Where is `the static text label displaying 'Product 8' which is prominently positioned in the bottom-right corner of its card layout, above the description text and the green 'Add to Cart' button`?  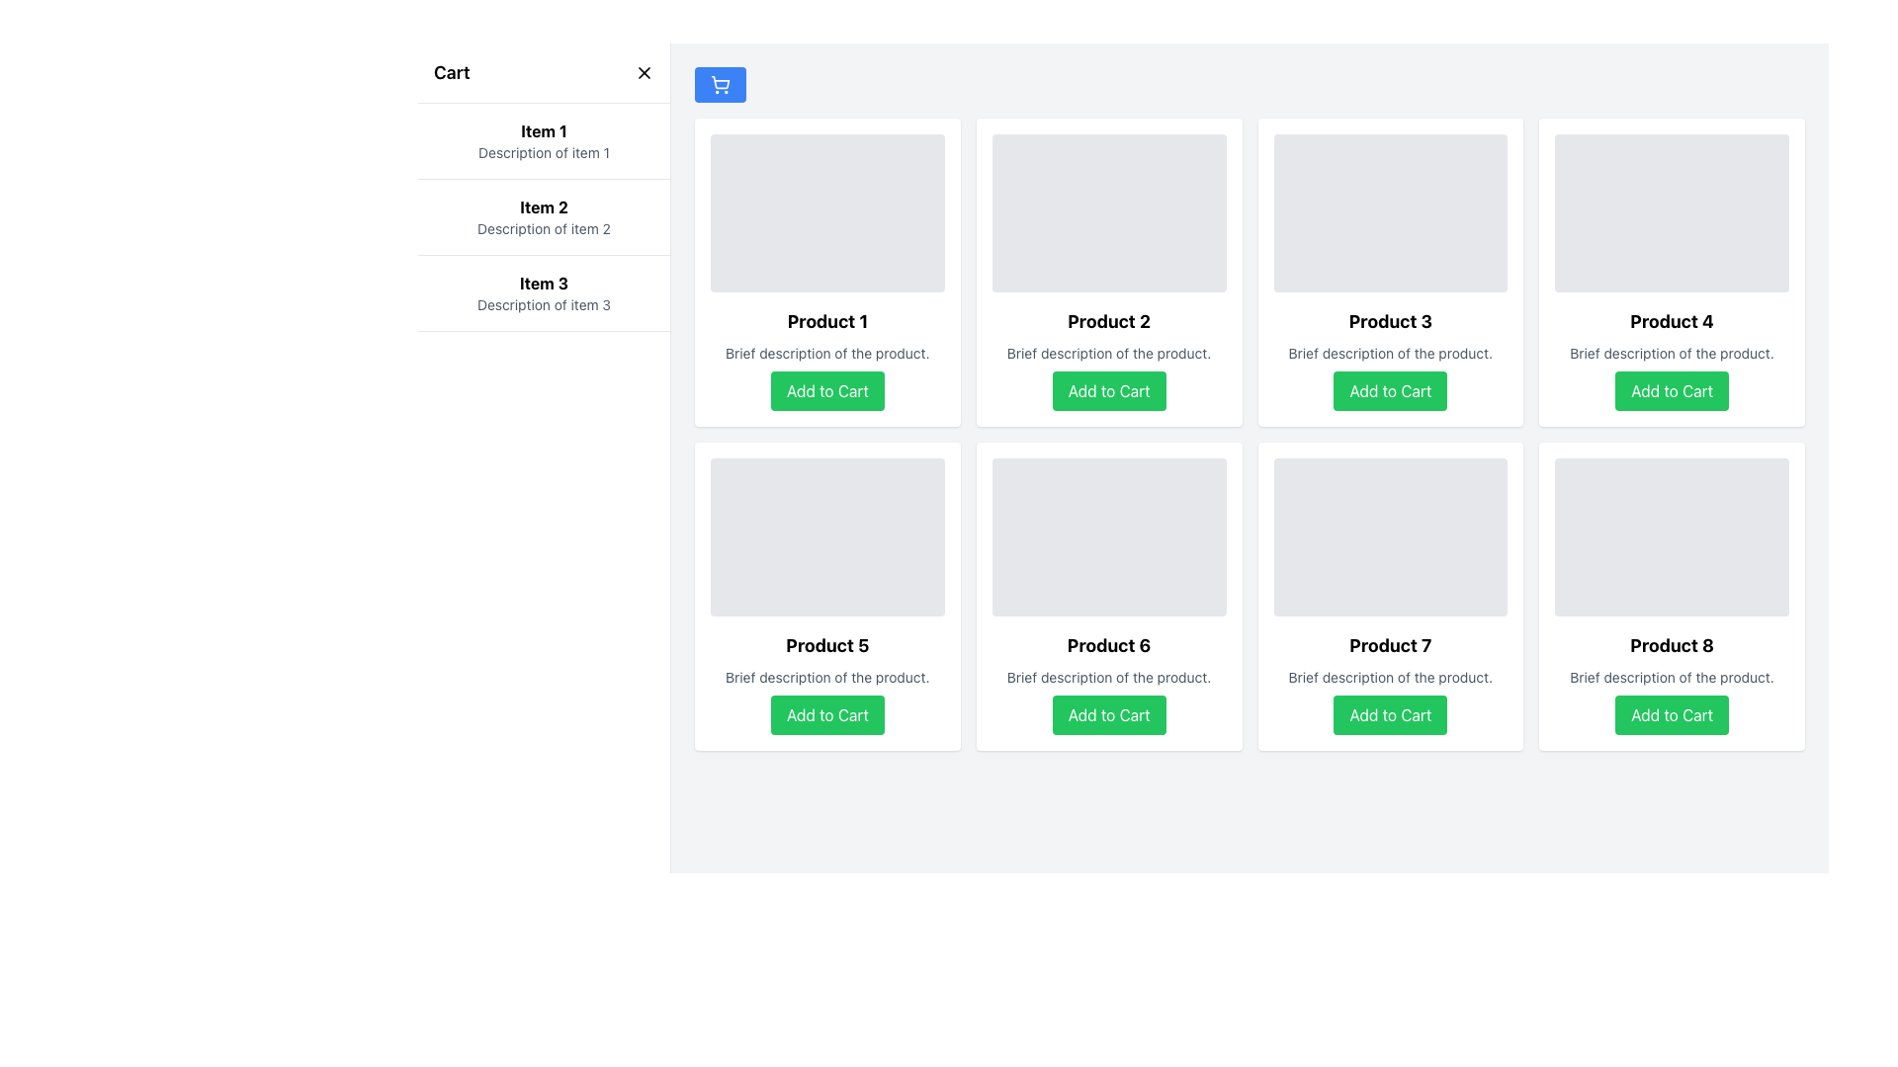 the static text label displaying 'Product 8' which is prominently positioned in the bottom-right corner of its card layout, above the description text and the green 'Add to Cart' button is located at coordinates (1671, 646).